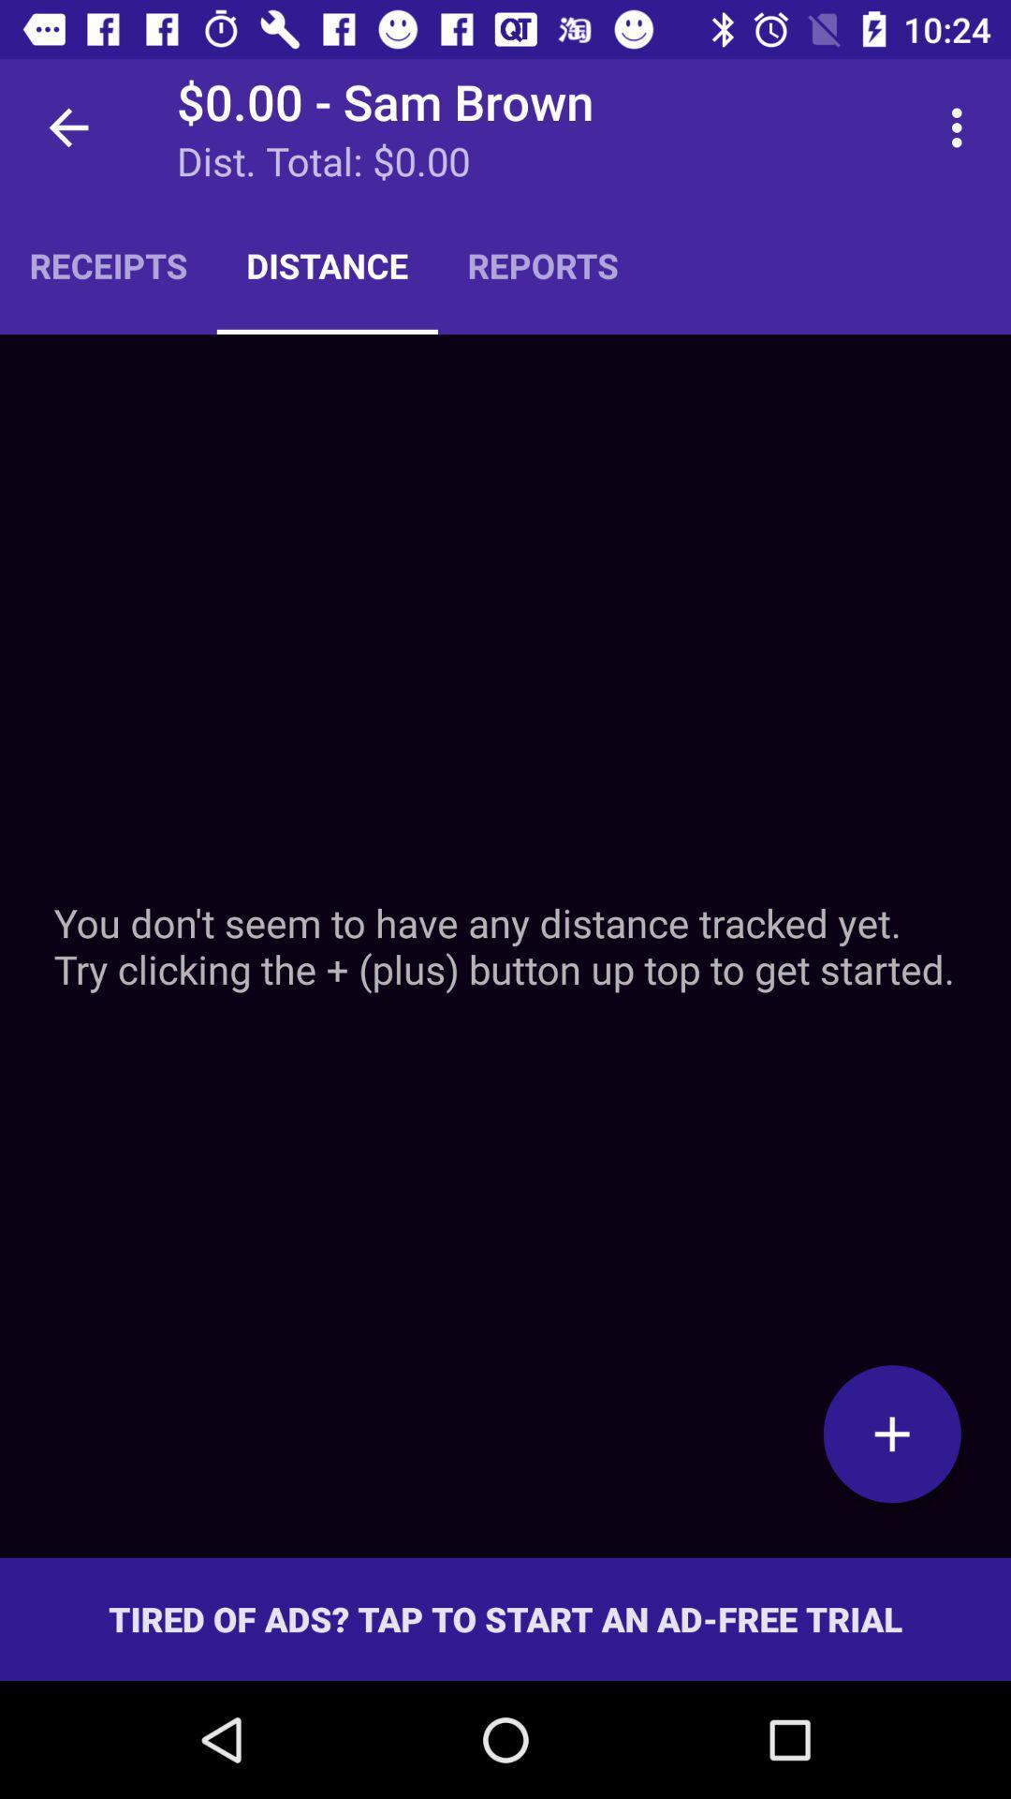 Image resolution: width=1011 pixels, height=1799 pixels. Describe the element at coordinates (891, 1433) in the screenshot. I see `the add icon` at that location.